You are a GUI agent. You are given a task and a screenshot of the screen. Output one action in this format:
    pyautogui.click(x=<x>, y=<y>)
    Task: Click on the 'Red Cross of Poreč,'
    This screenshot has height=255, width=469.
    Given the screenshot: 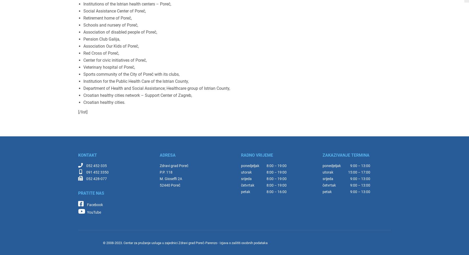 What is the action you would take?
    pyautogui.click(x=101, y=53)
    